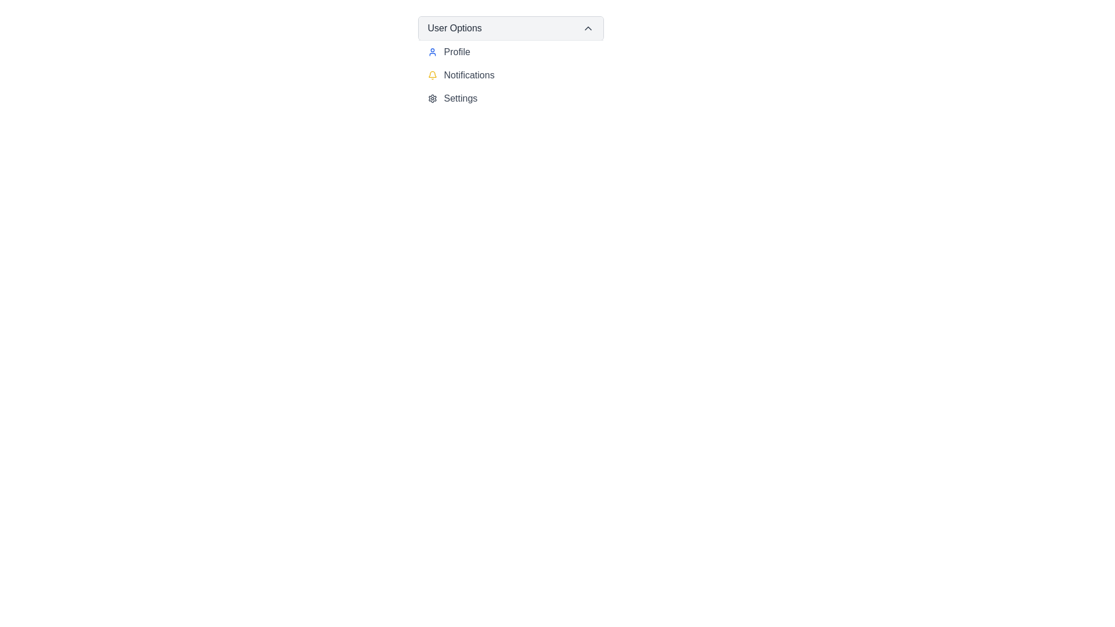 Image resolution: width=1115 pixels, height=627 pixels. What do you see at coordinates (510, 28) in the screenshot?
I see `the dropdown toggle button located at the top of the vertical list` at bounding box center [510, 28].